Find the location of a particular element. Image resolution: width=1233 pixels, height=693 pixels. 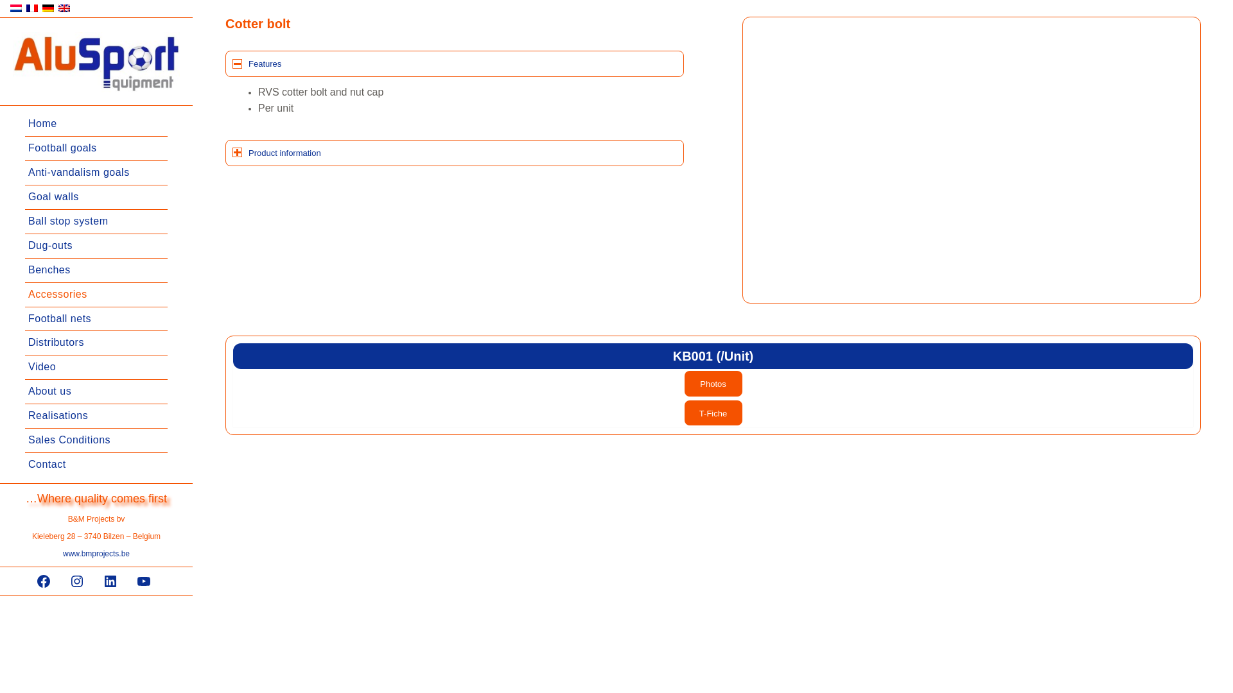

'Football nets' is located at coordinates (95, 318).